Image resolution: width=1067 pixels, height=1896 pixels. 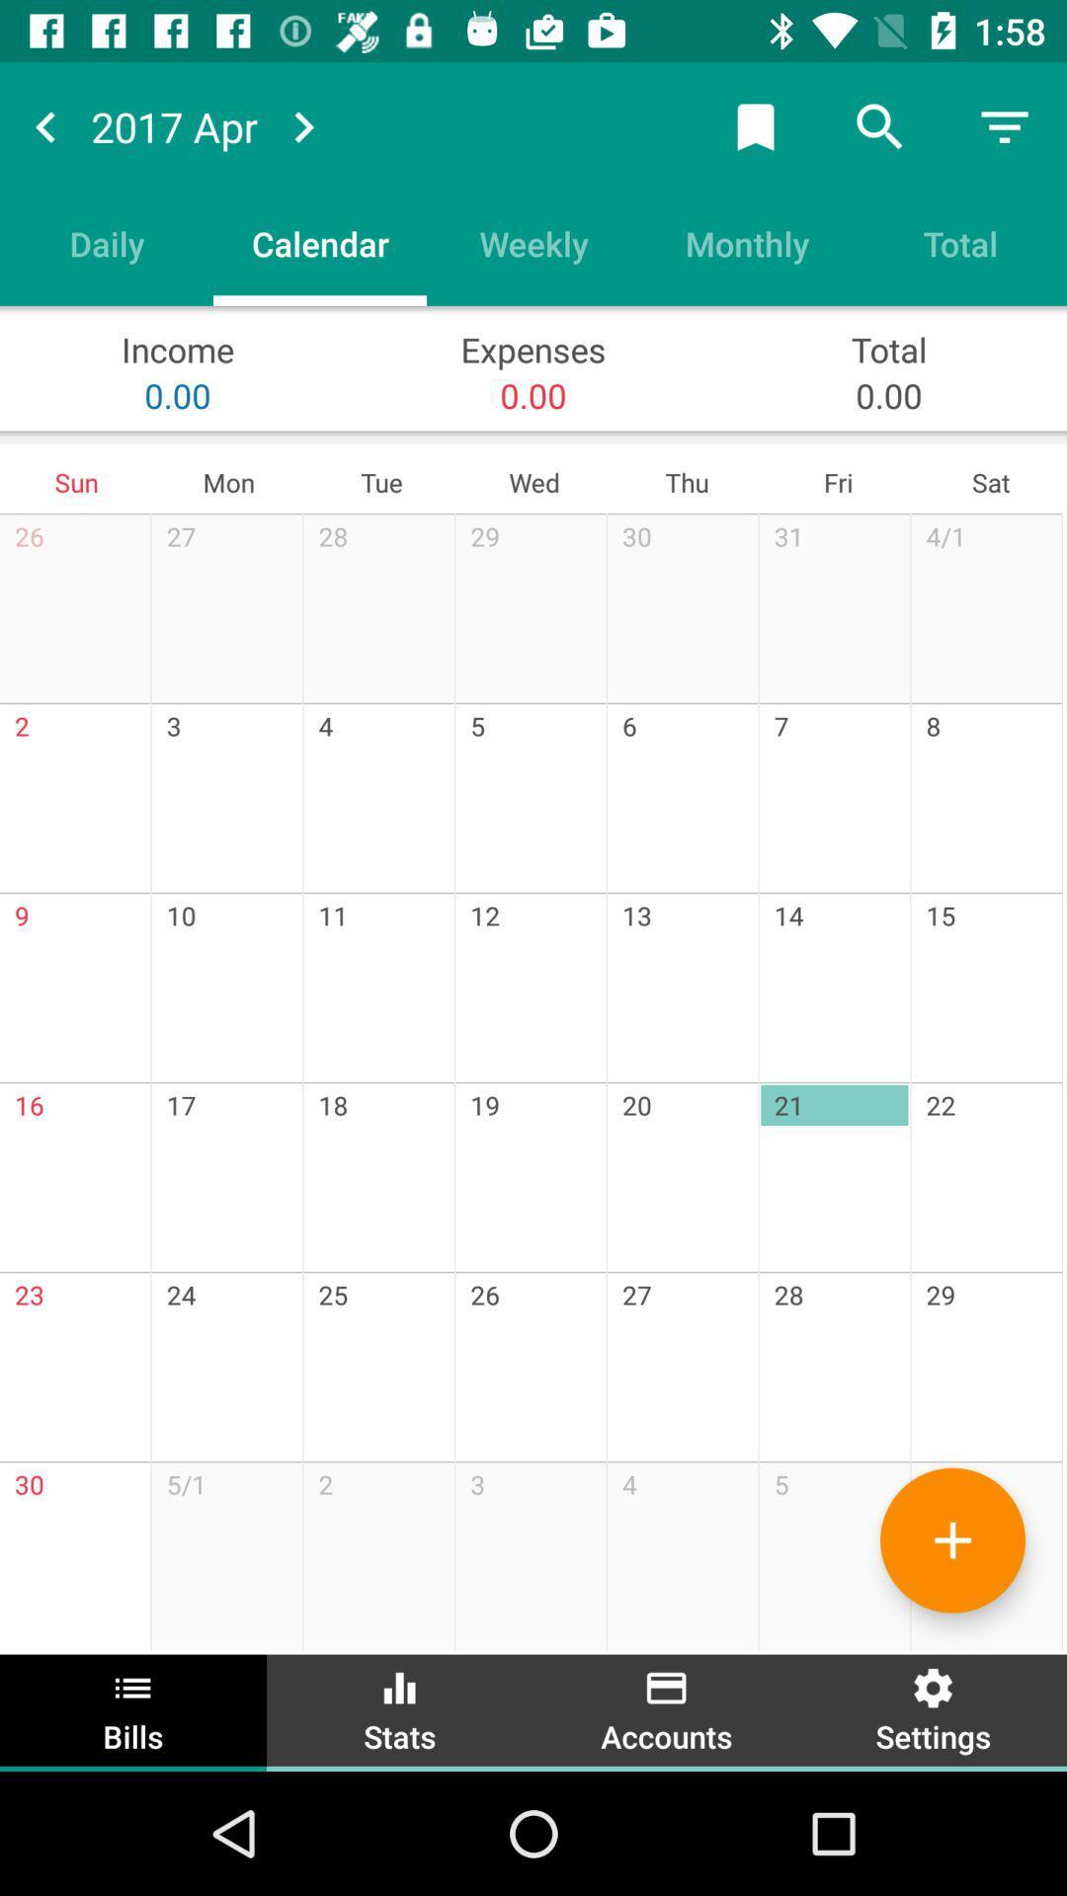 I want to click on the filter_list icon, so click(x=1005, y=125).